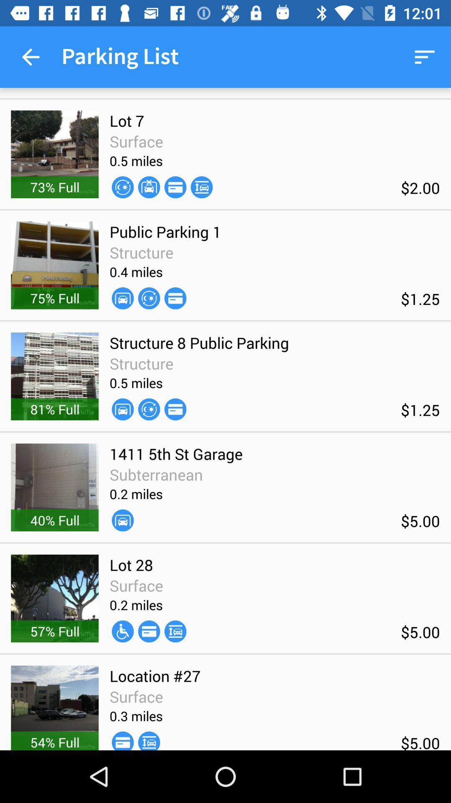 The image size is (451, 803). What do you see at coordinates (30, 56) in the screenshot?
I see `the item next to parking list item` at bounding box center [30, 56].